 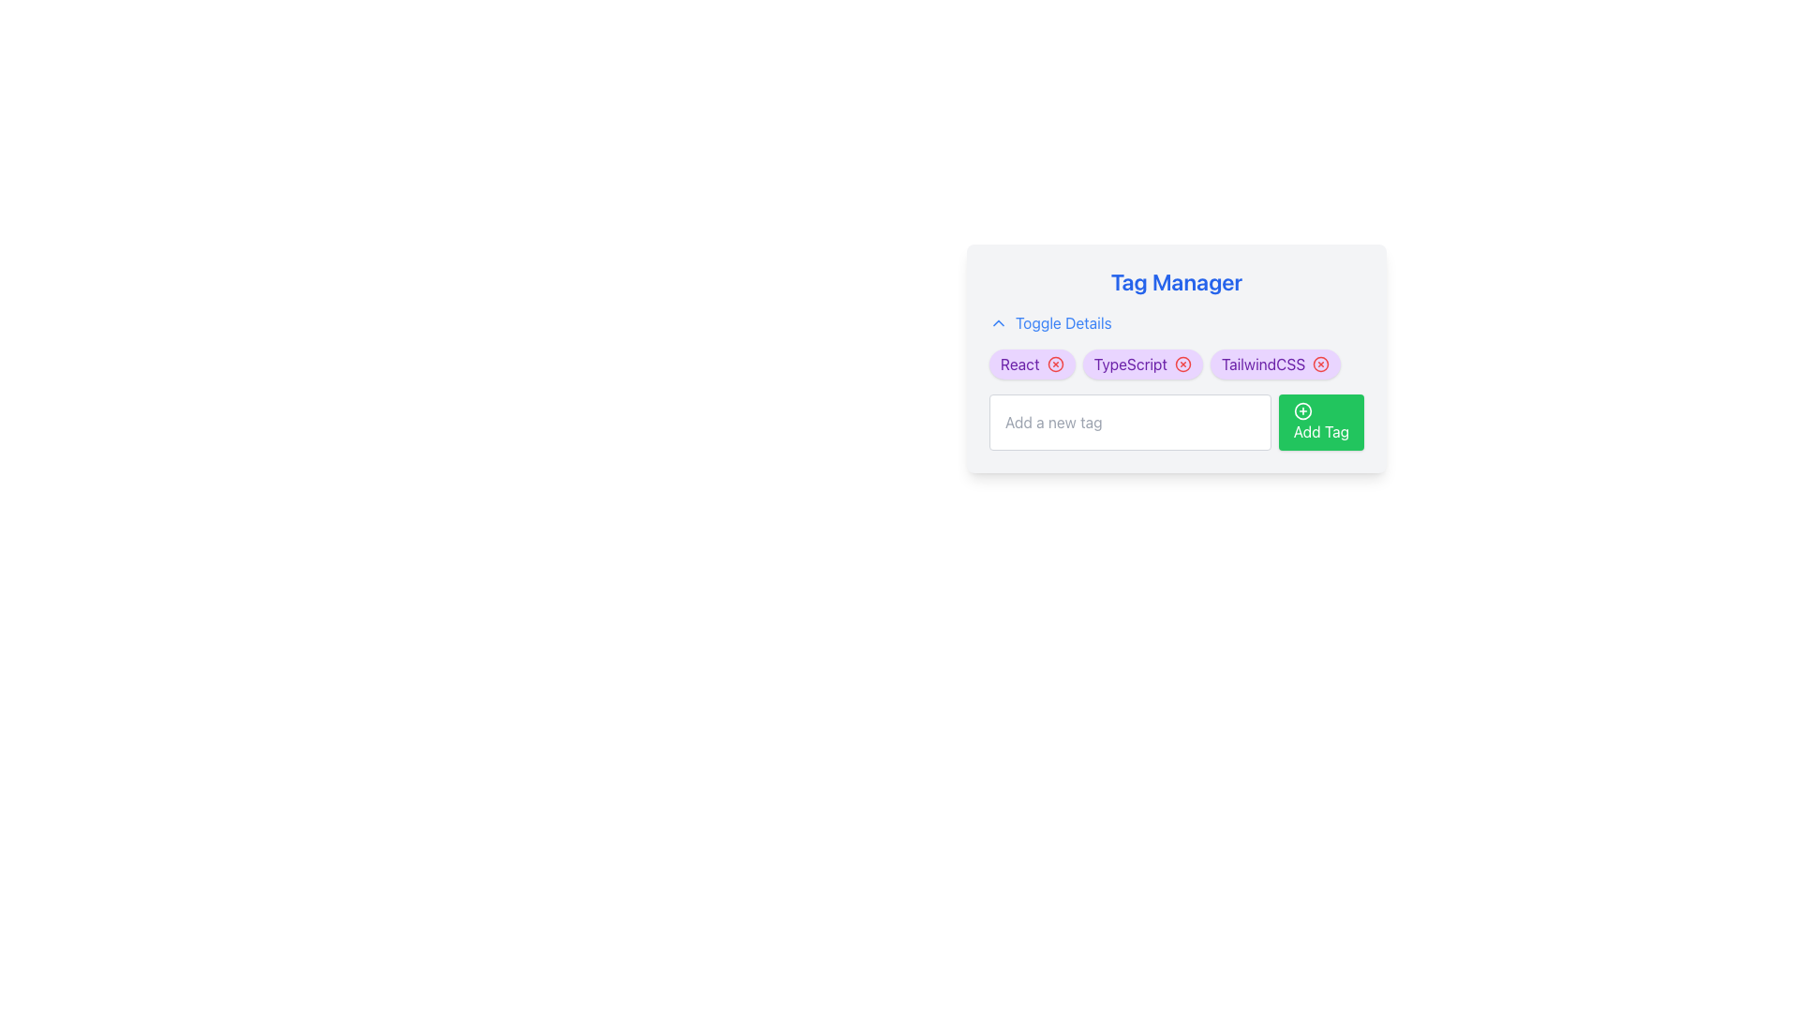 I want to click on the circular graphic element indicating removal or delete action associated with the 'TailwindCSS' tag in the 'Tag Manager' interface, positioned at the top right corner of the tag, so click(x=1320, y=365).